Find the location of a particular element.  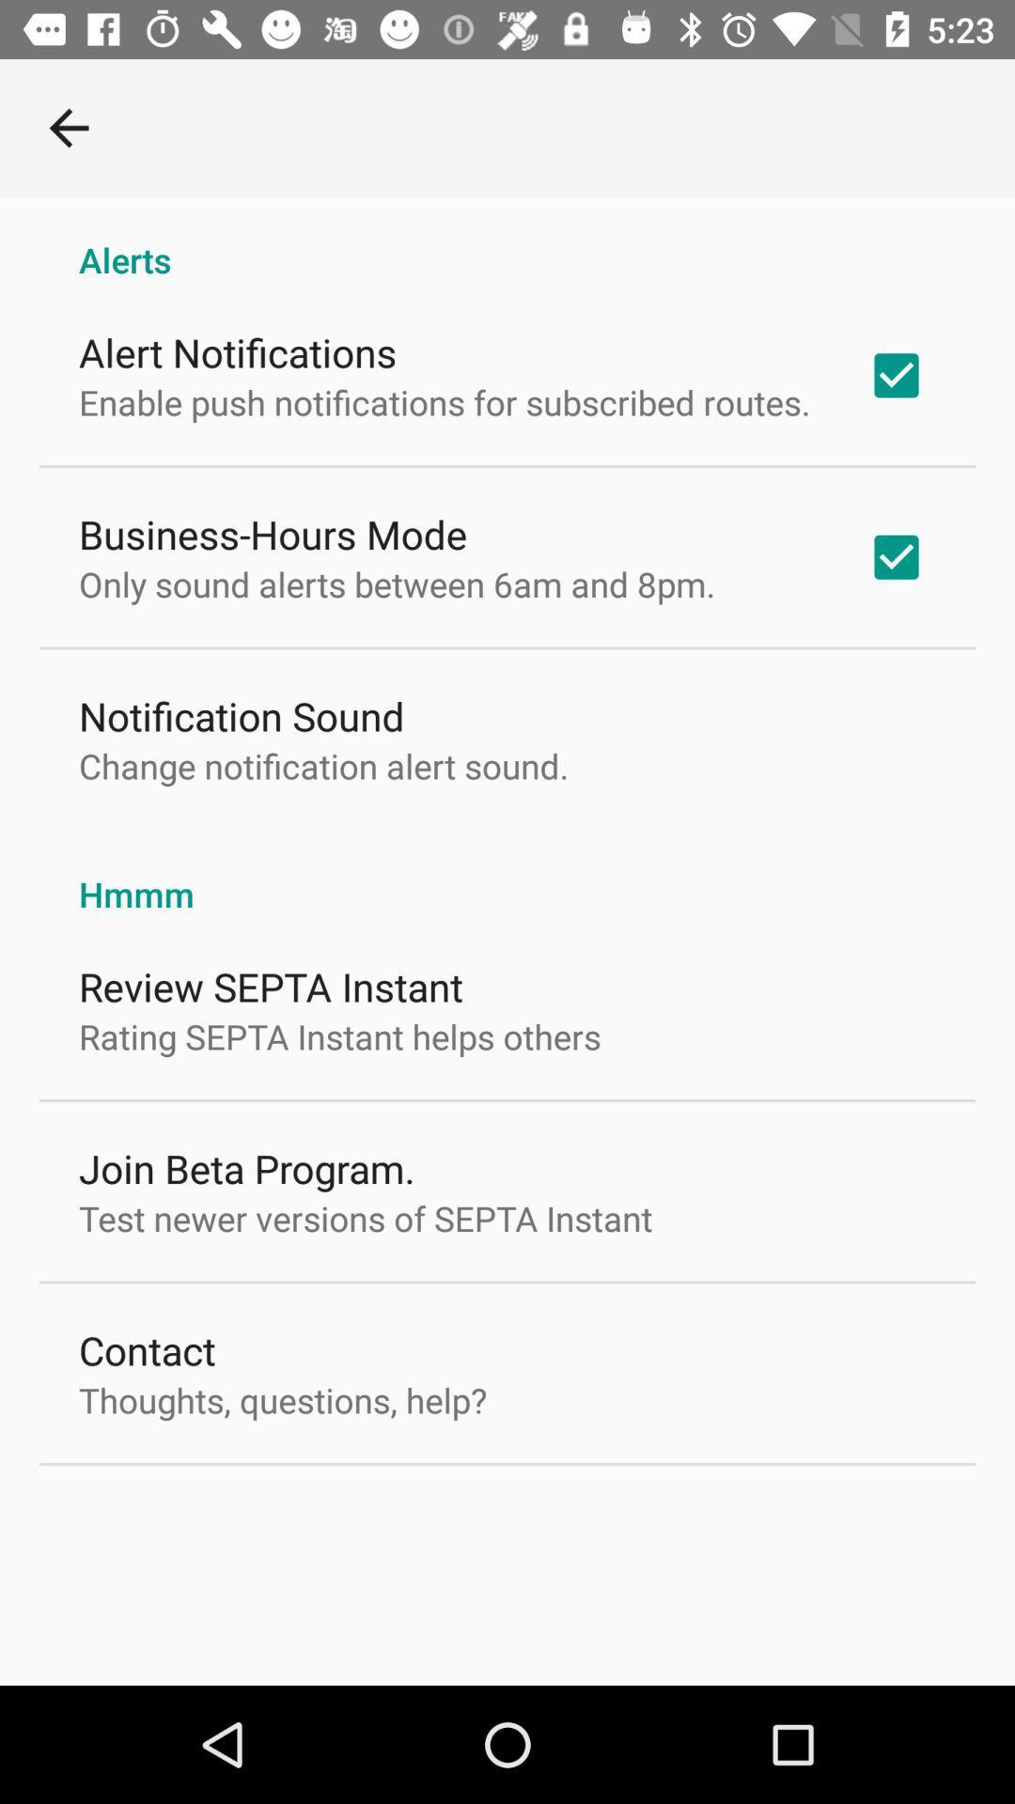

item above business-hours mode icon is located at coordinates (445, 401).